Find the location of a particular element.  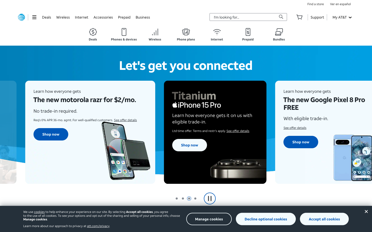

Look for phone plans is located at coordinates (186, 35).